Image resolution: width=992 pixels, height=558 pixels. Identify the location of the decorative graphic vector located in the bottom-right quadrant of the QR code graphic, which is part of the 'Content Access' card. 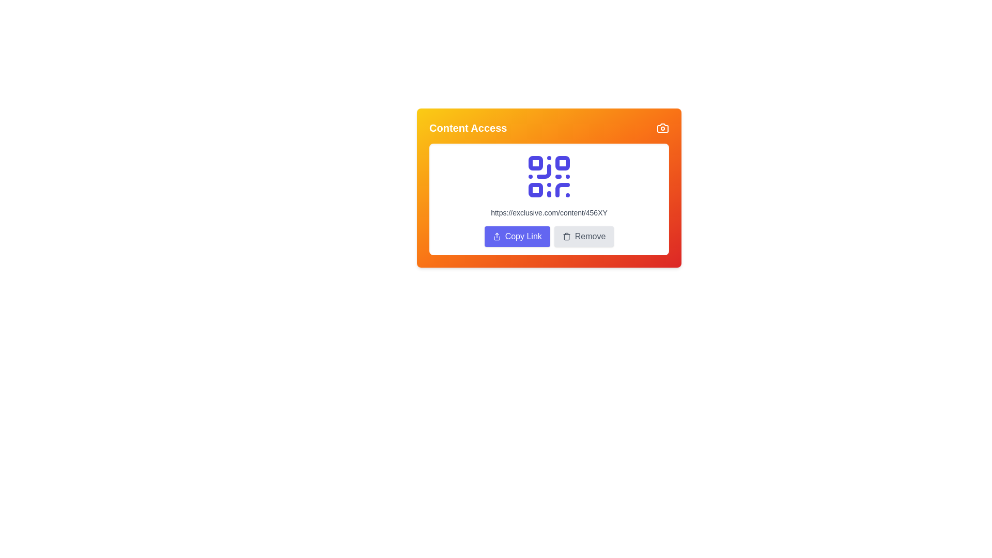
(562, 190).